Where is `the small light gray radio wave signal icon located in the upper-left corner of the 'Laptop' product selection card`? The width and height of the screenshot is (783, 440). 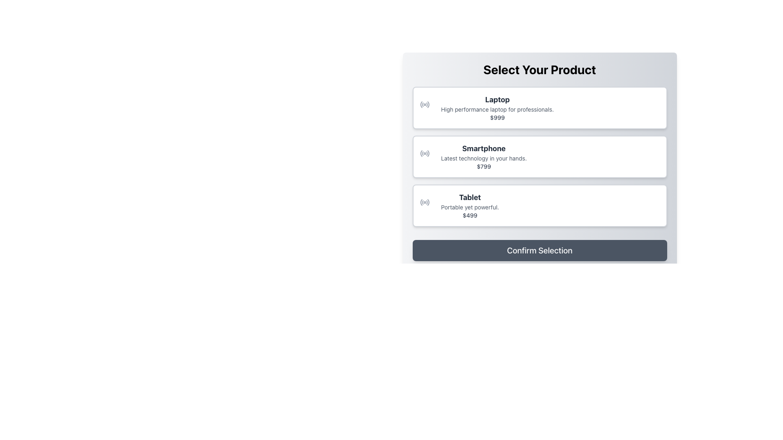
the small light gray radio wave signal icon located in the upper-left corner of the 'Laptop' product selection card is located at coordinates (427, 108).